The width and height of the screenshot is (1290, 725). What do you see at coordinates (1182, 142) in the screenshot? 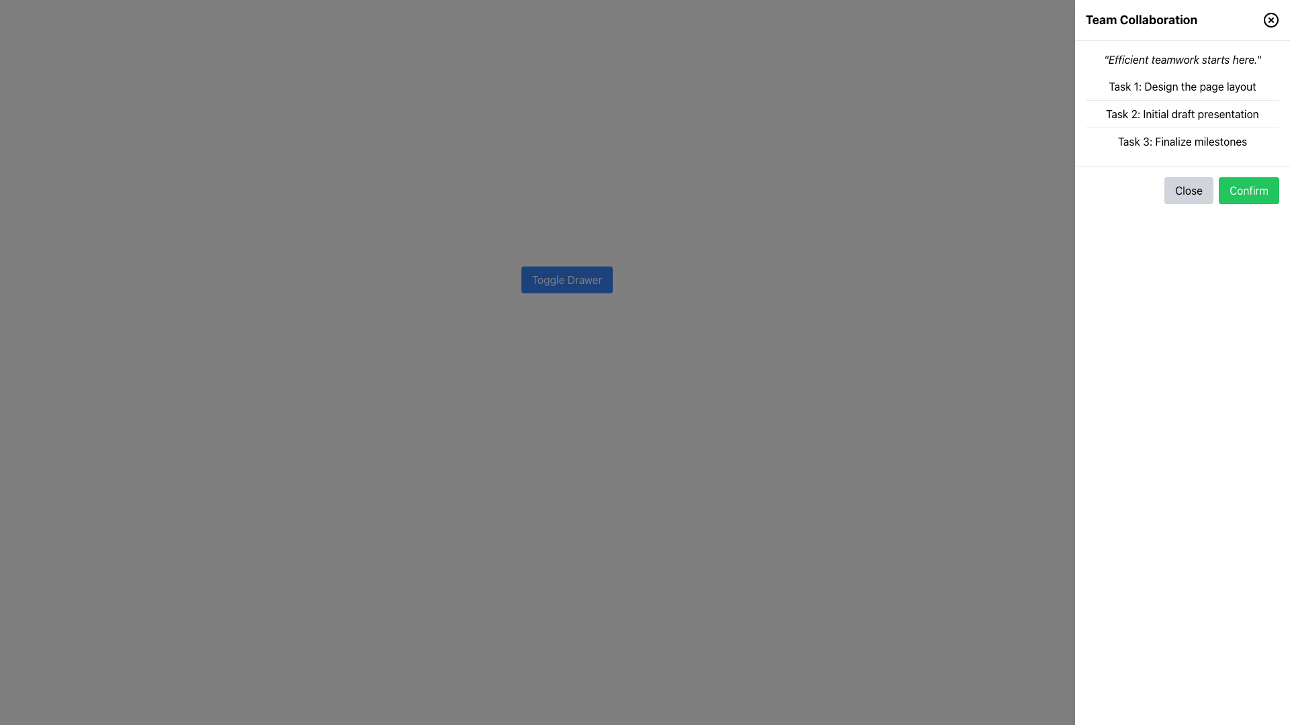
I see `the text label indicating 'Task 3: Finalize milestones', which is the third item in the task list located beneath 'Task 2: Initial draft presentation'` at bounding box center [1182, 142].